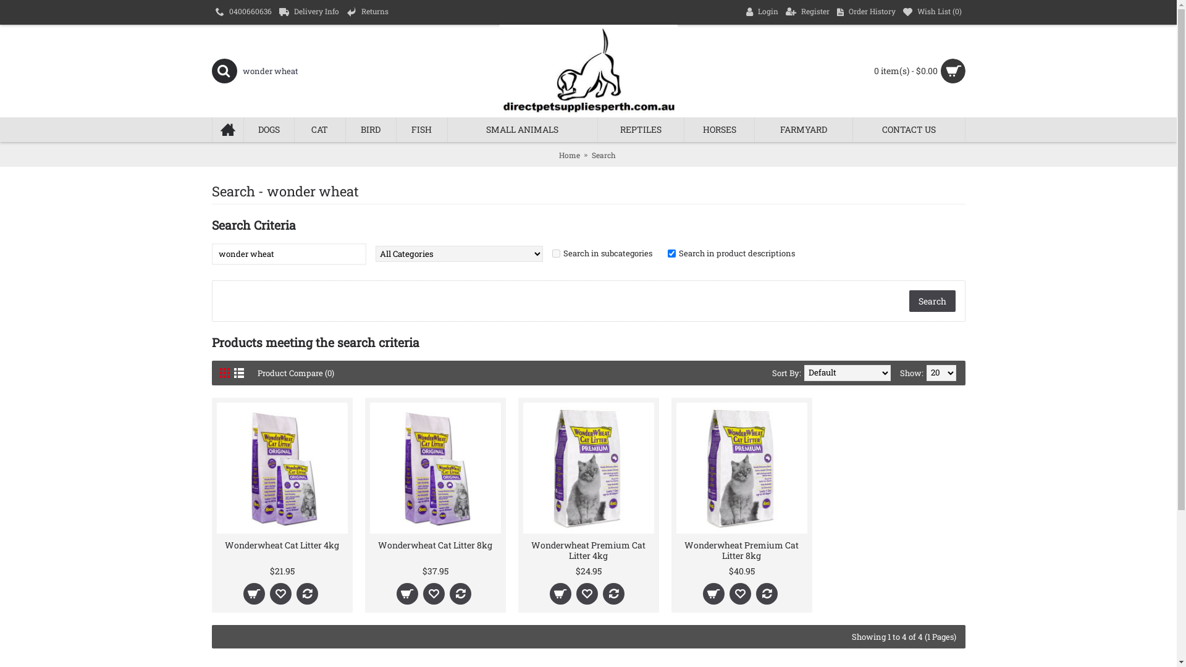  Describe the element at coordinates (909, 129) in the screenshot. I see `'CONTACT US'` at that location.